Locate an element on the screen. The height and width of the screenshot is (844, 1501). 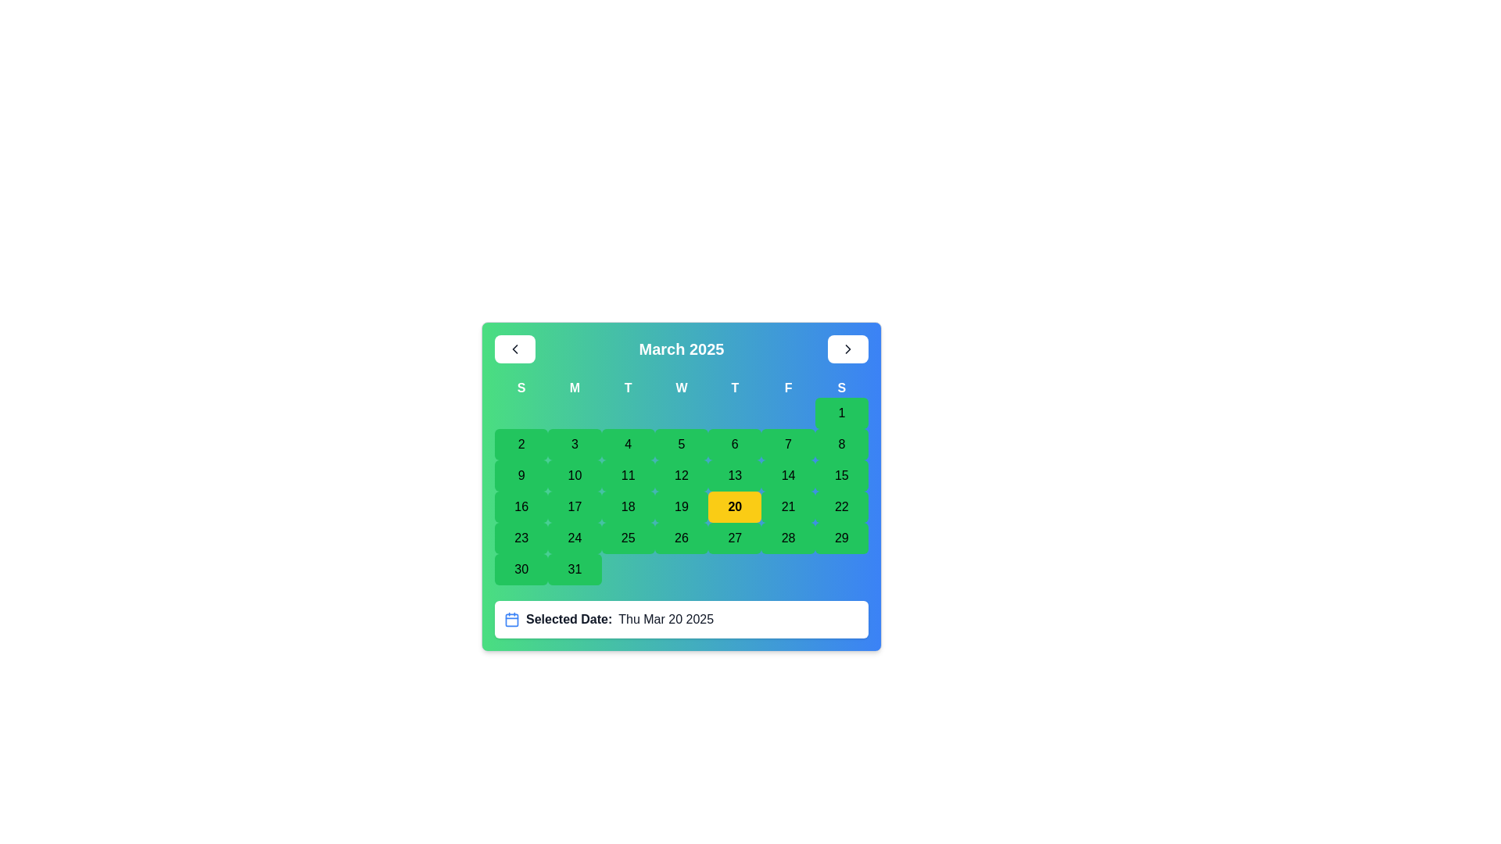
the bold text label displaying 'Selected Date:' located below the calendar and between the calendar icon and the date string 'Thu Mar 20 2025' is located at coordinates (568, 619).